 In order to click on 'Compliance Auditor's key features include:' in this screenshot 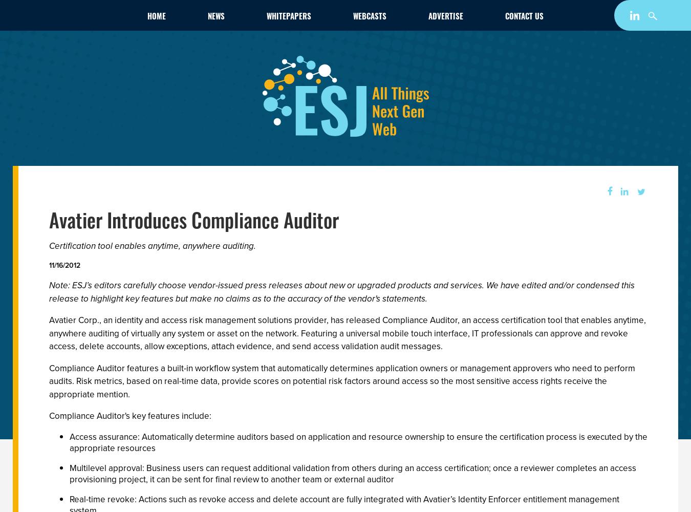, I will do `click(129, 416)`.